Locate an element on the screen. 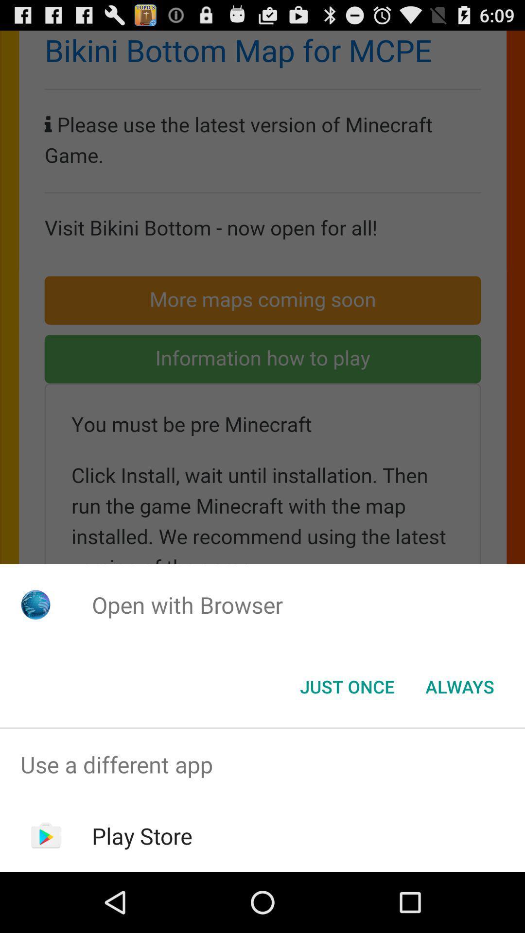 Image resolution: width=525 pixels, height=933 pixels. the always button is located at coordinates (459, 686).